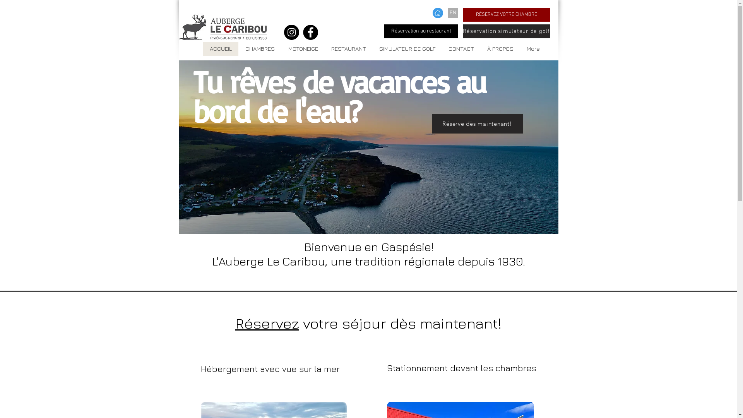 Image resolution: width=743 pixels, height=418 pixels. Describe the element at coordinates (222, 26) in the screenshot. I see `'cariboulogo,jpg.jpg'` at that location.